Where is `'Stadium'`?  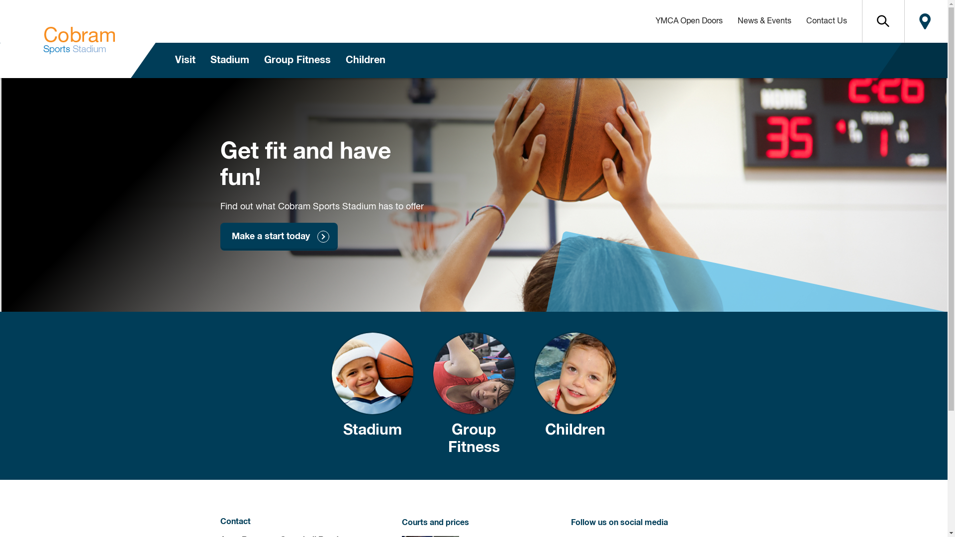 'Stadium' is located at coordinates (372, 395).